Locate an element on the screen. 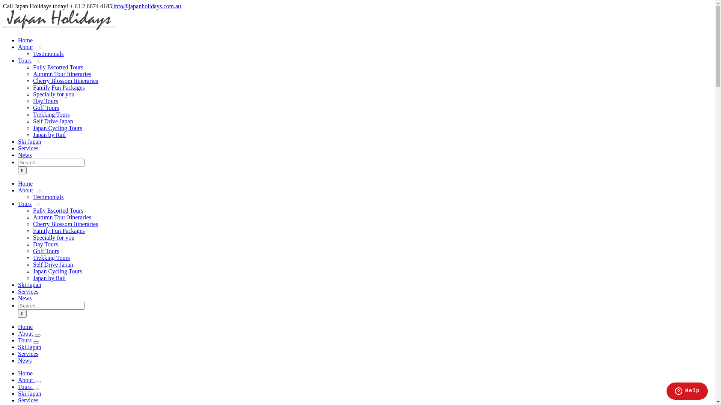 The height and width of the screenshot is (405, 721). 'Autumn Tour Itineraries' is located at coordinates (62, 74).